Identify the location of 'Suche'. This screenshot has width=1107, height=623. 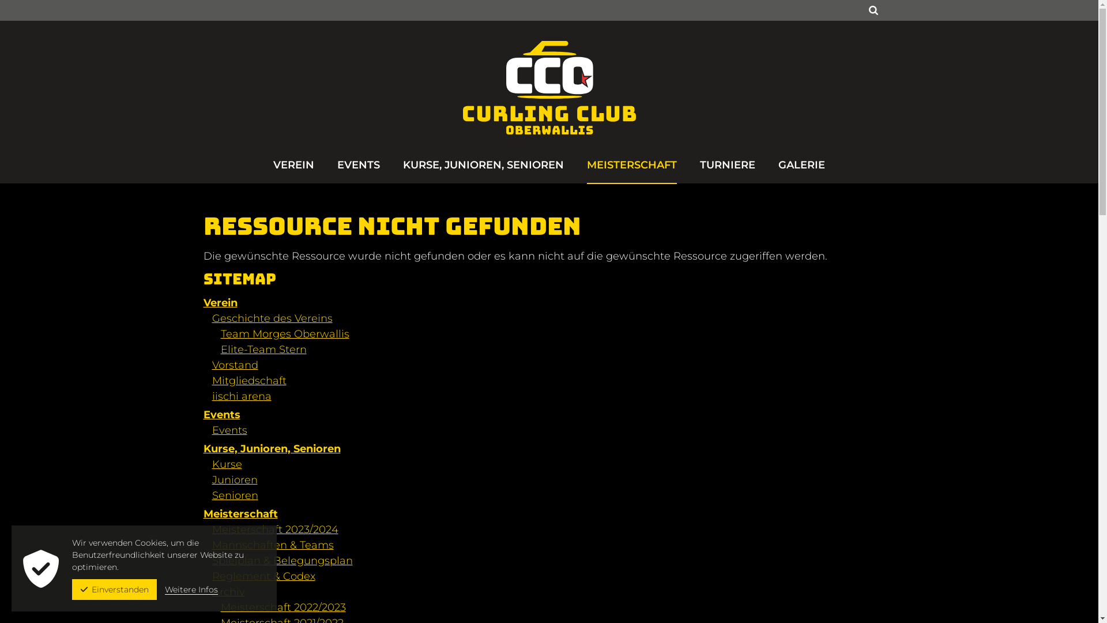
(872, 11).